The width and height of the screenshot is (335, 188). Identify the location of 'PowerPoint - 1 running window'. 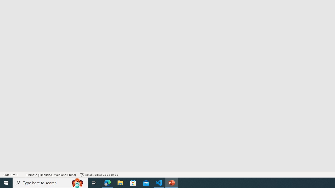
(172, 182).